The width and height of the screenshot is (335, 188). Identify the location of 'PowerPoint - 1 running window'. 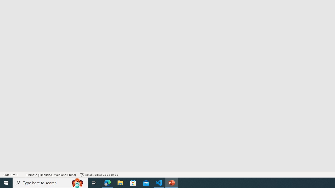
(172, 182).